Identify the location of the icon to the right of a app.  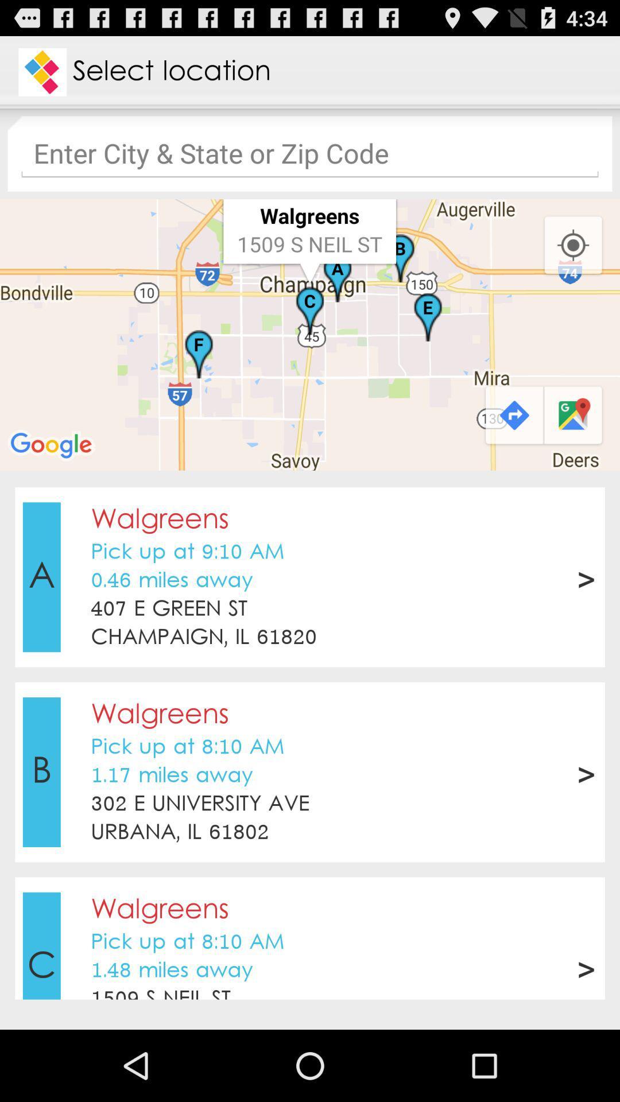
(172, 581).